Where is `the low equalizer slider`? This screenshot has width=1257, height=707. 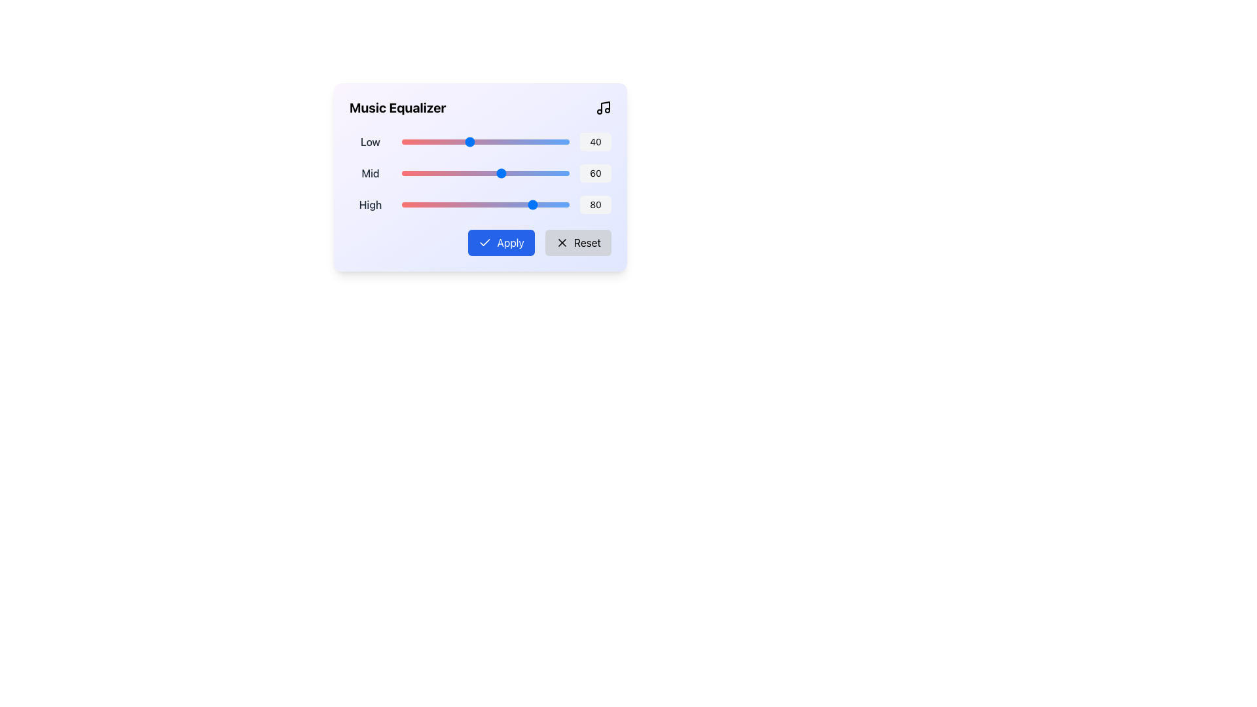
the low equalizer slider is located at coordinates (439, 141).